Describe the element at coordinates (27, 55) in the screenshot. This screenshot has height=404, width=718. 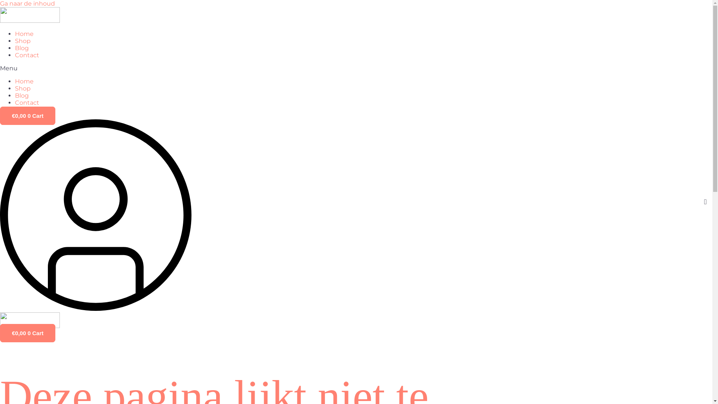
I see `'Contact'` at that location.